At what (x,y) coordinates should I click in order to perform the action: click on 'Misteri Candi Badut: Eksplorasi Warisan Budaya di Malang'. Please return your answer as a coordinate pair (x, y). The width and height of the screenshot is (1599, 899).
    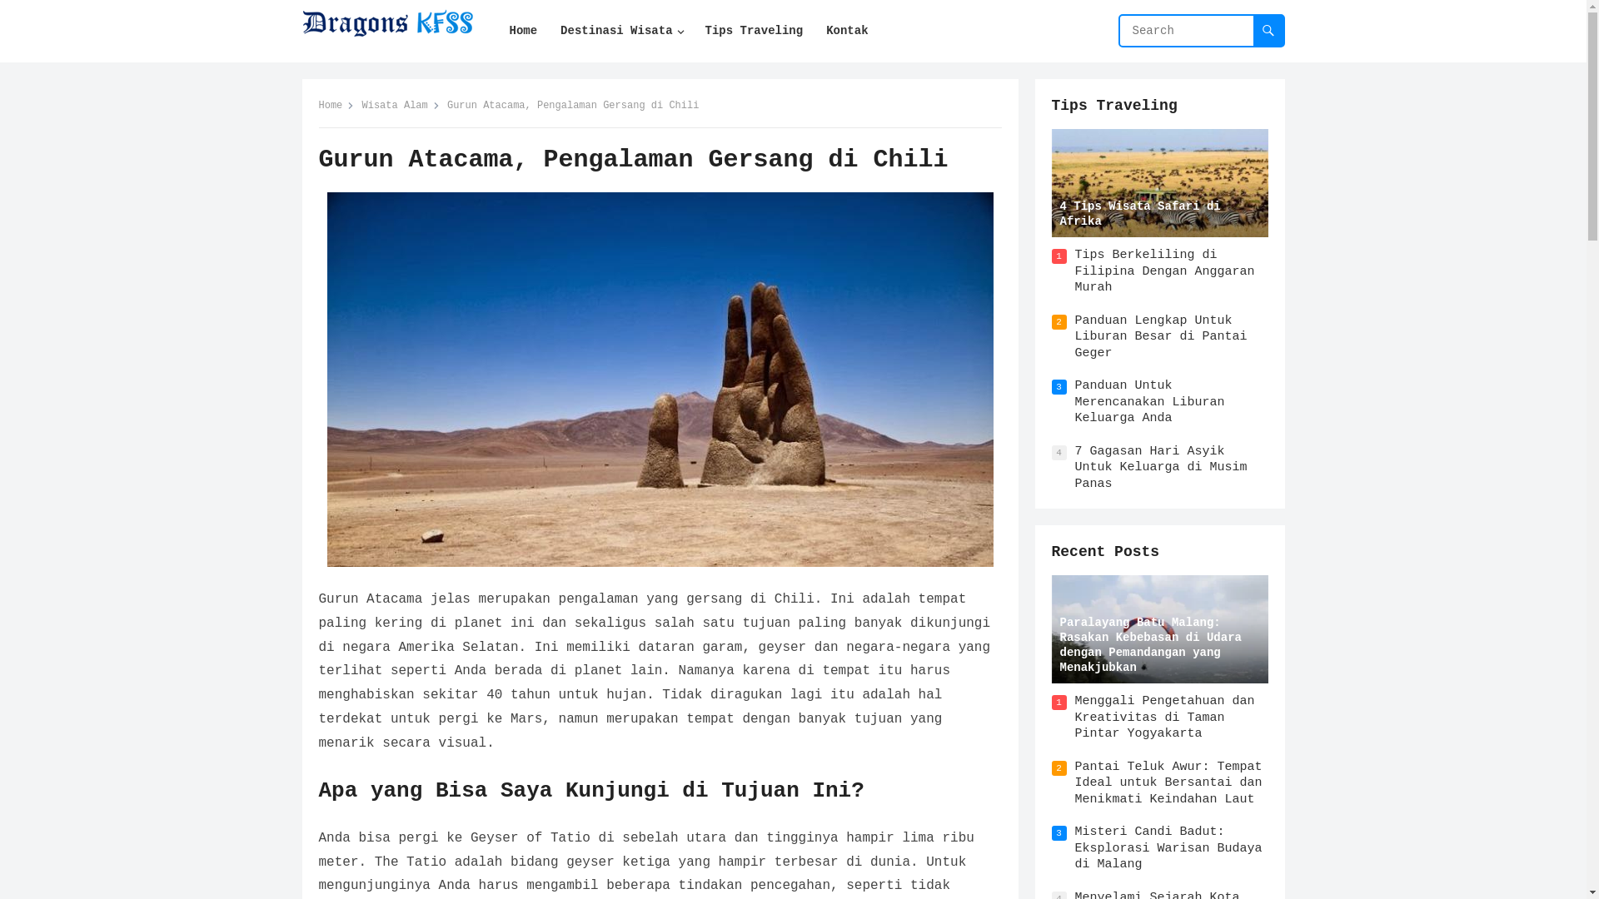
    Looking at the image, I should click on (1167, 847).